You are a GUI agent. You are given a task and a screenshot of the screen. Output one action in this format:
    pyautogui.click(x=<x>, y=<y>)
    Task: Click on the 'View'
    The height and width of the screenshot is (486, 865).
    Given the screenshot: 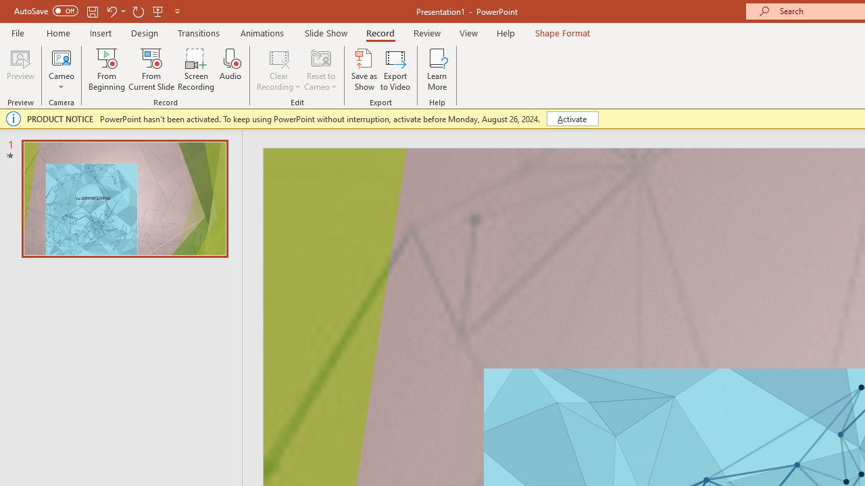 What is the action you would take?
    pyautogui.click(x=468, y=32)
    